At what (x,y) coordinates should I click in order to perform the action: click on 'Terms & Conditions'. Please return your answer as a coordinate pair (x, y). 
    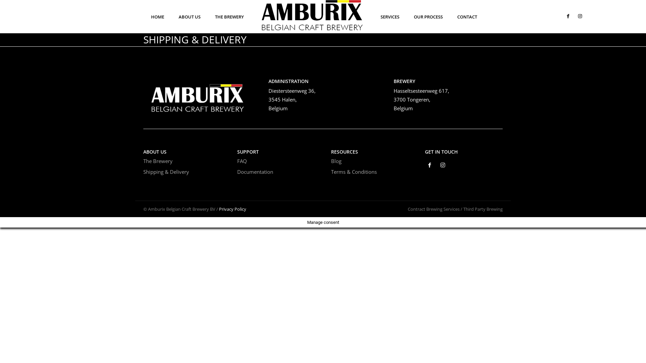
    Looking at the image, I should click on (353, 171).